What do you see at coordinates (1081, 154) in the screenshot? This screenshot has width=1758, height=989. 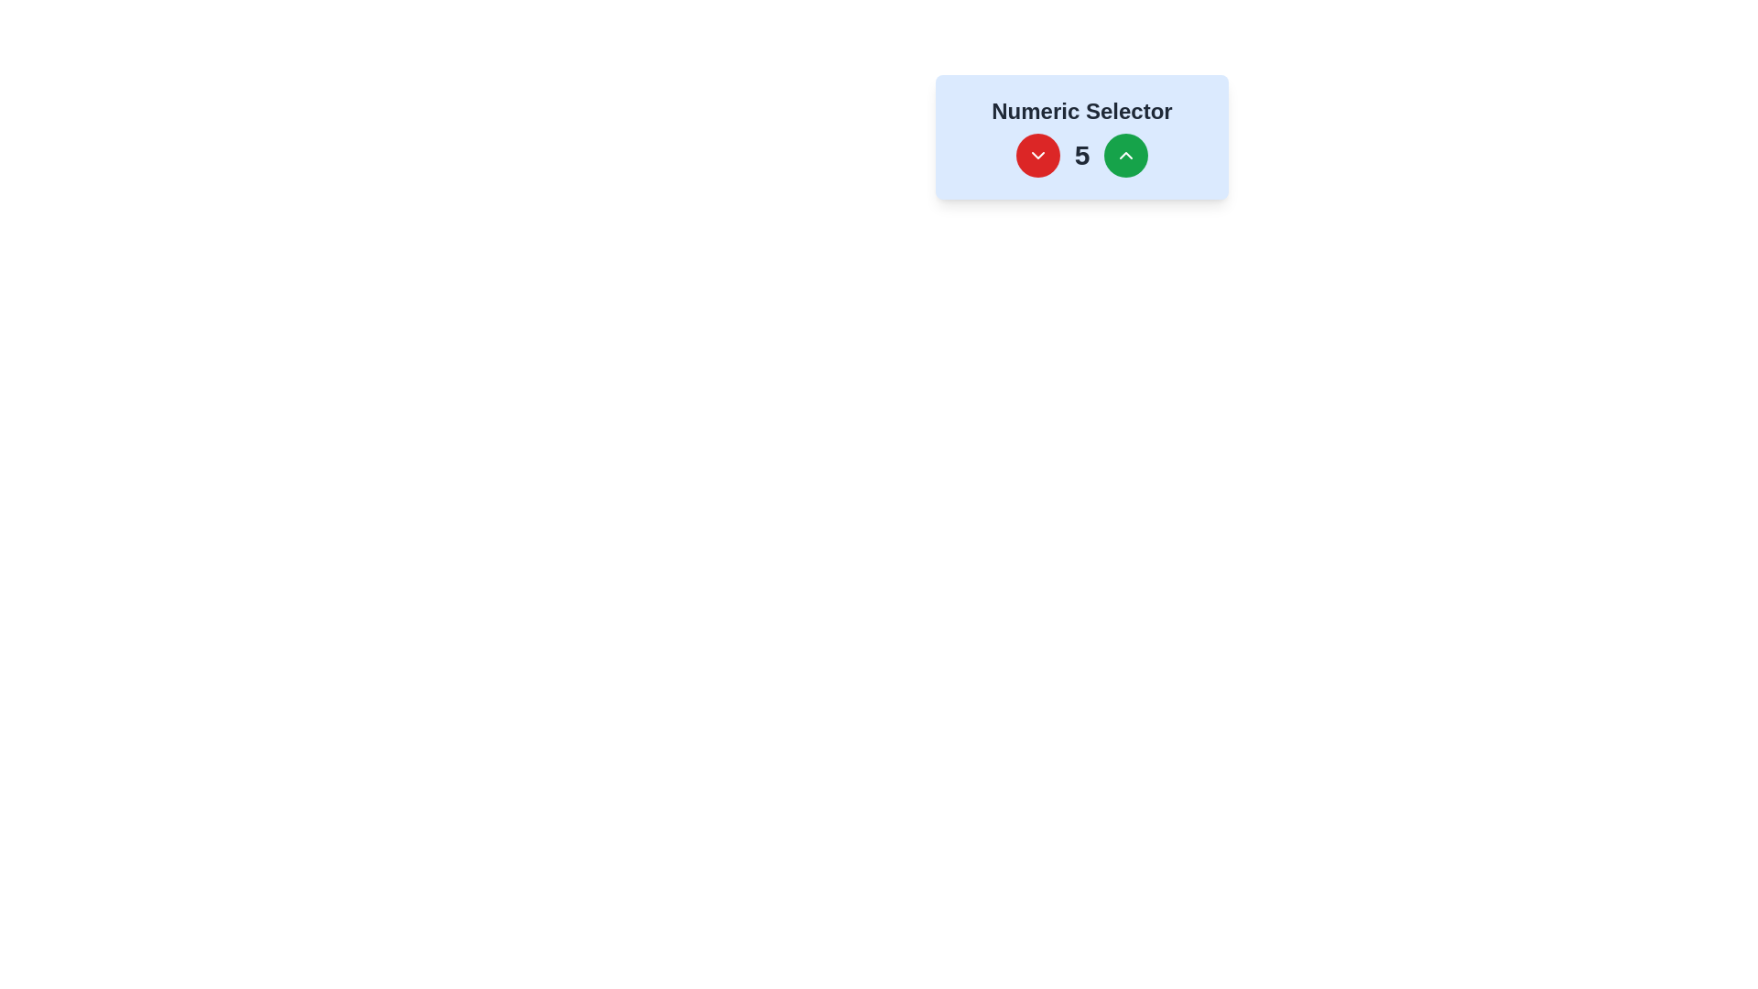 I see `the Text Display that shows the current numeric value in the selector, located between a red button with a downward arrow and a green button with an upward arrow` at bounding box center [1081, 154].